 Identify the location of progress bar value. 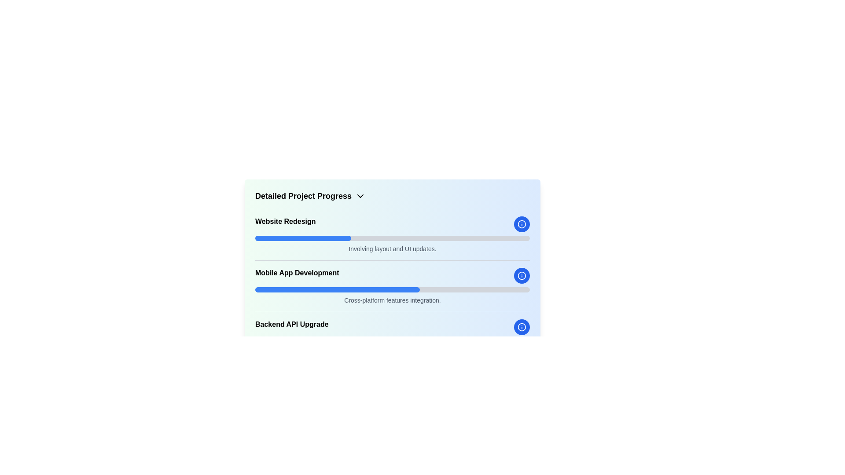
(460, 290).